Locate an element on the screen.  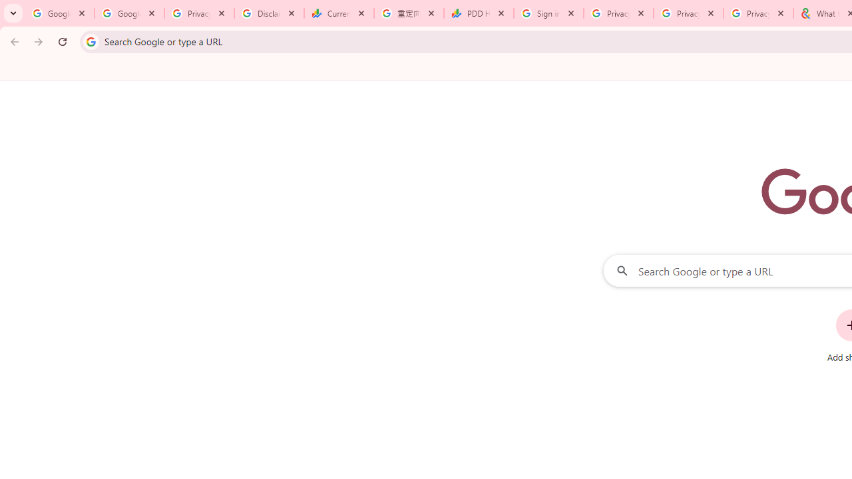
'Currencies - Google Finance' is located at coordinates (339, 13).